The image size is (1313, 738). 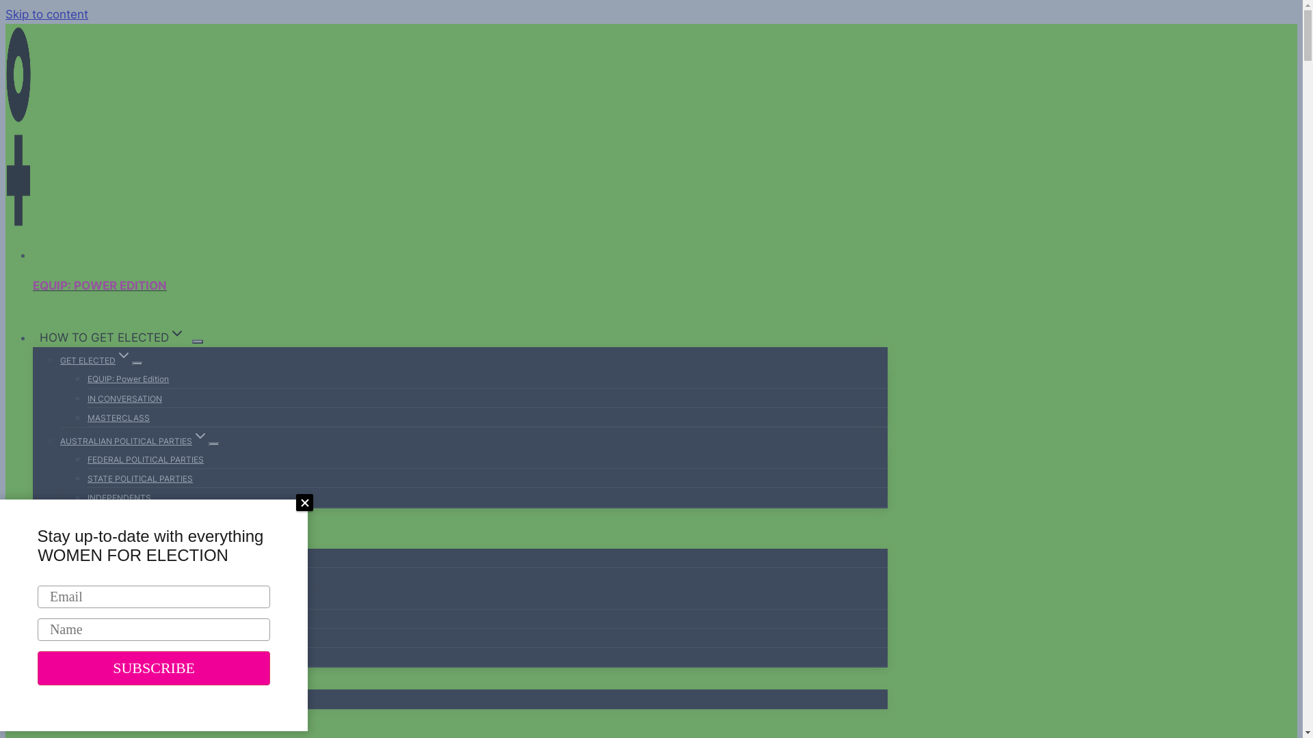 I want to click on 'MEDIA', so click(x=72, y=699).